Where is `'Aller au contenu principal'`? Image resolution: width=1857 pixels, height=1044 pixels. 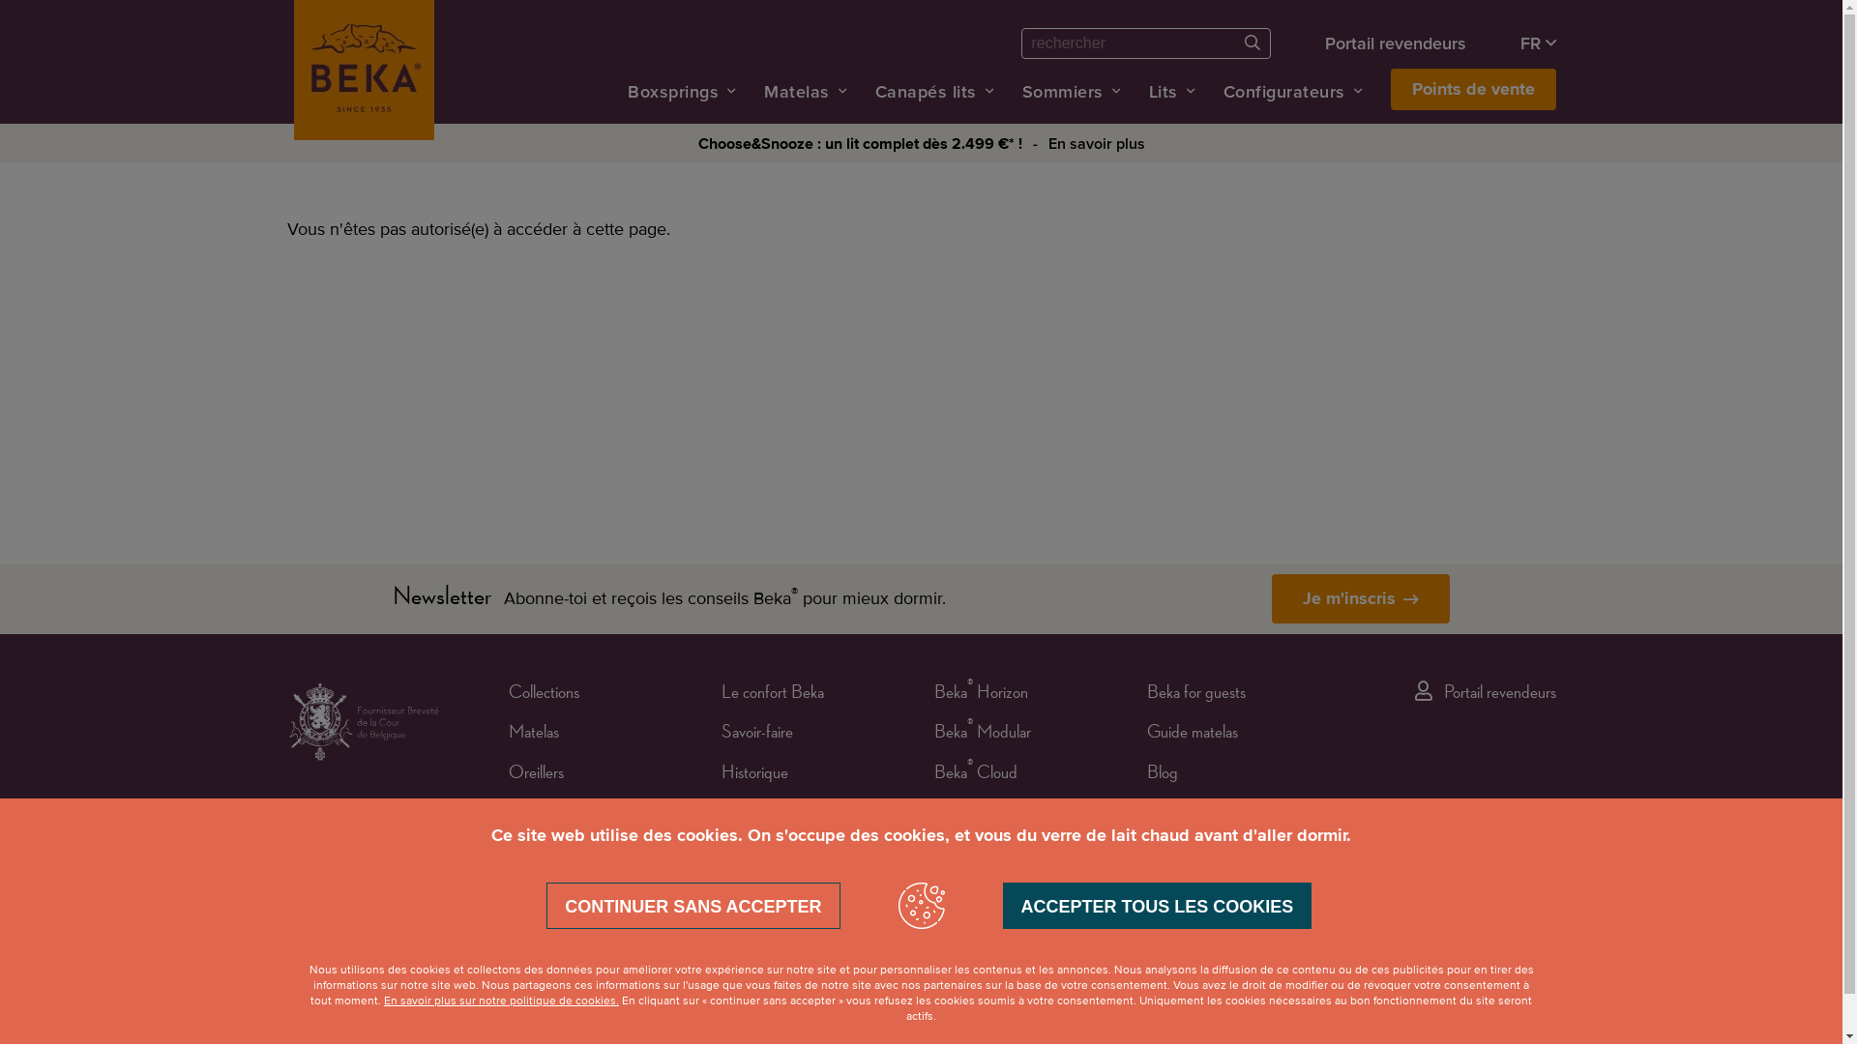
'Aller au contenu principal' is located at coordinates (0, 0).